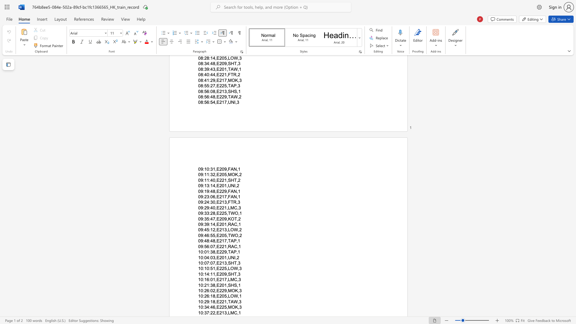 This screenshot has height=324, width=576. I want to click on the subset text ",3" within the text "10:14:11,E209,SHT,3", so click(236, 274).